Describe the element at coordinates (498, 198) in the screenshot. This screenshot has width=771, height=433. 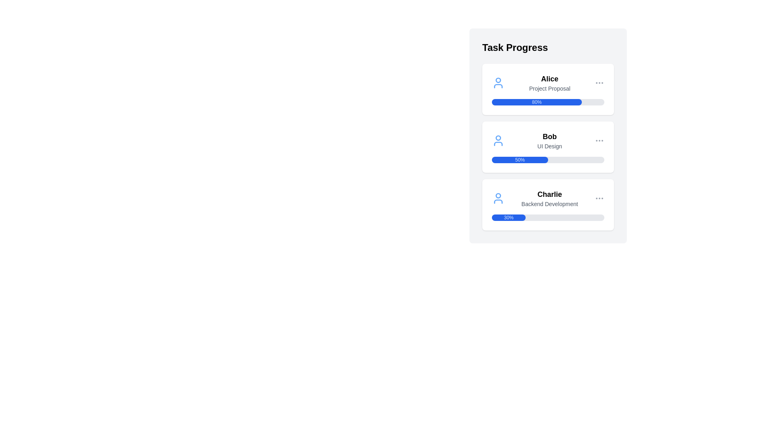
I see `the SVG icon representing the user 'Charlie', which is the leftmost icon in the user block containing the name and role details, for user identification` at that location.